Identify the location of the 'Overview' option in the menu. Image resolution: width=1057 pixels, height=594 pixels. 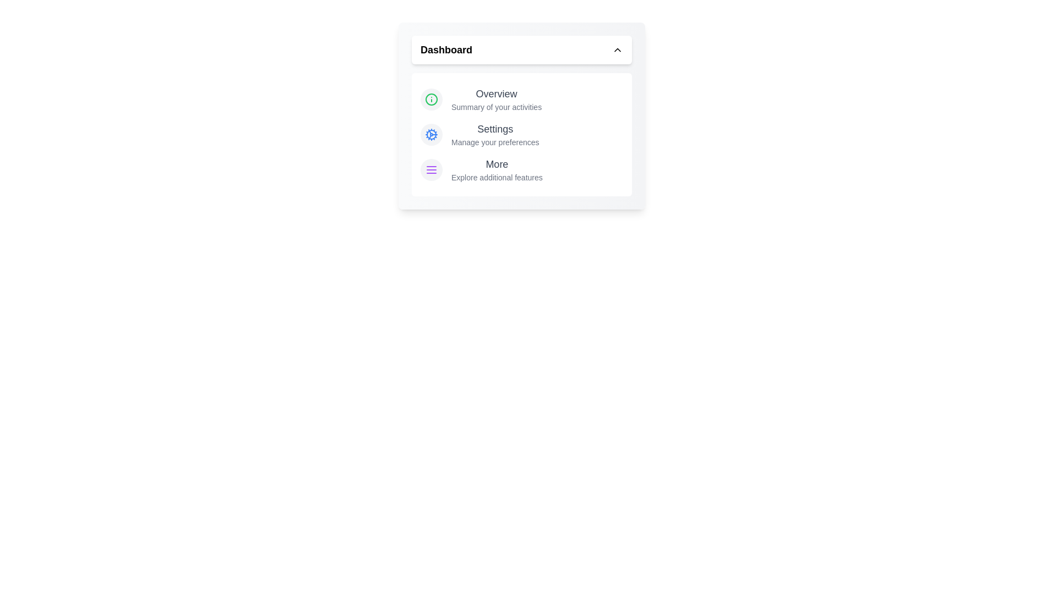
(496, 93).